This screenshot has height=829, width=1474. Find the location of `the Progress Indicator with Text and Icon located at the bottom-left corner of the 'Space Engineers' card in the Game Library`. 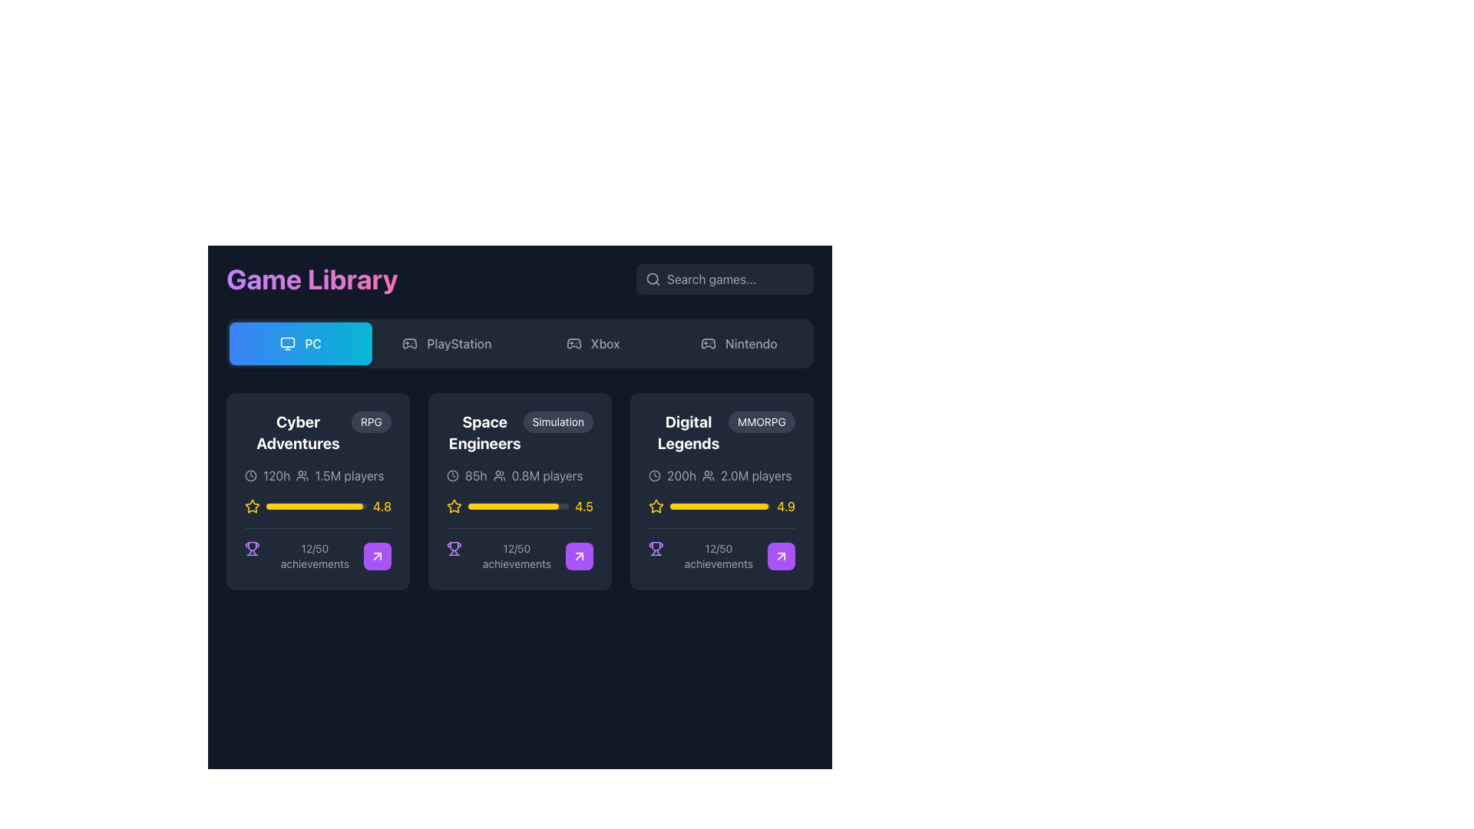

the Progress Indicator with Text and Icon located at the bottom-left corner of the 'Space Engineers' card in the Game Library is located at coordinates (506, 557).